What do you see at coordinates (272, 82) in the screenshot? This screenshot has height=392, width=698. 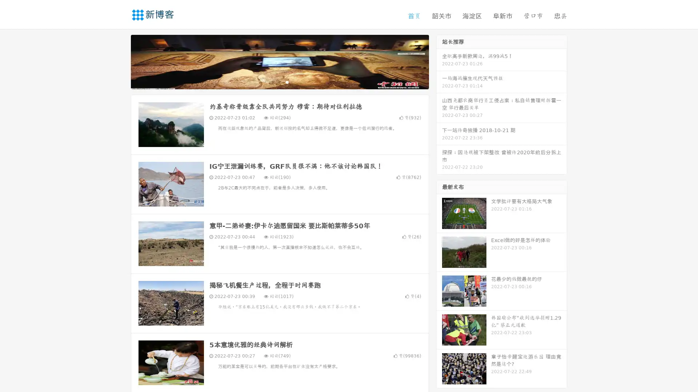 I see `Go to slide 1` at bounding box center [272, 82].